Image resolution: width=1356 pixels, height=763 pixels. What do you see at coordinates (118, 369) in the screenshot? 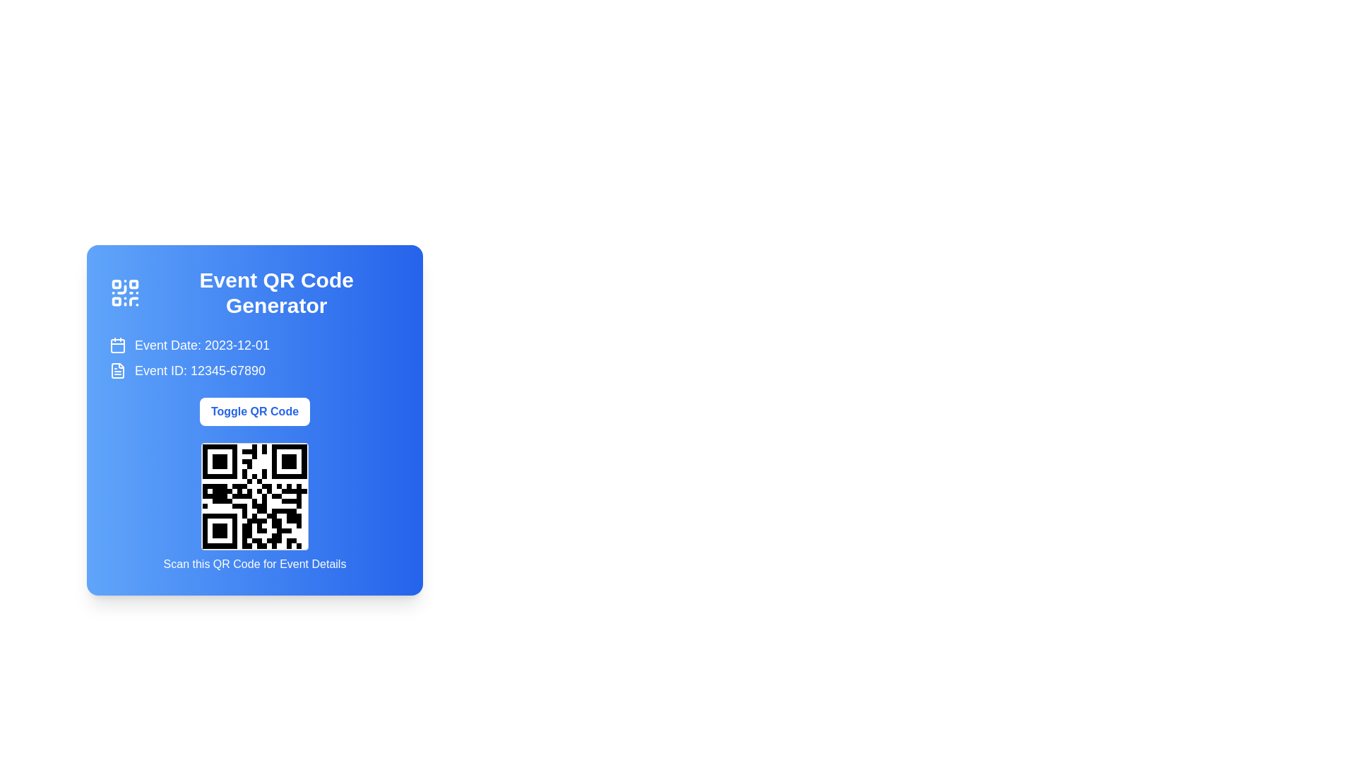
I see `the document/file icon located to the left of the text 'Event ID: 12345-67890'` at bounding box center [118, 369].